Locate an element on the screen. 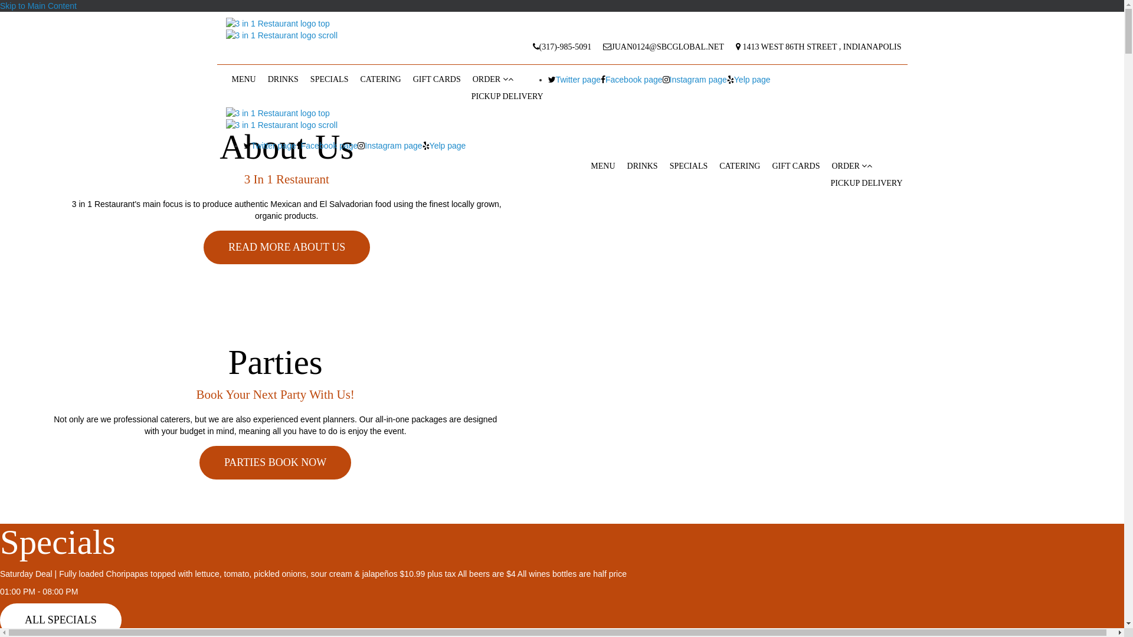 The image size is (1133, 637). 'Twitter page' is located at coordinates (548, 80).